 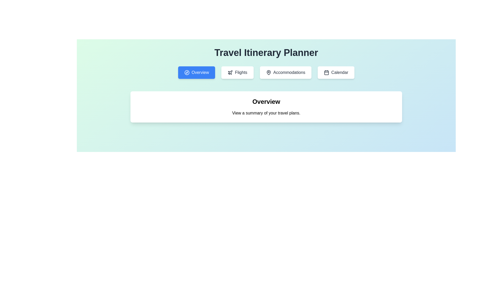 I want to click on the 'Accommodations' button in the horizontal menu located beneath the 'Travel Itinerary Planner' title, so click(x=285, y=72).